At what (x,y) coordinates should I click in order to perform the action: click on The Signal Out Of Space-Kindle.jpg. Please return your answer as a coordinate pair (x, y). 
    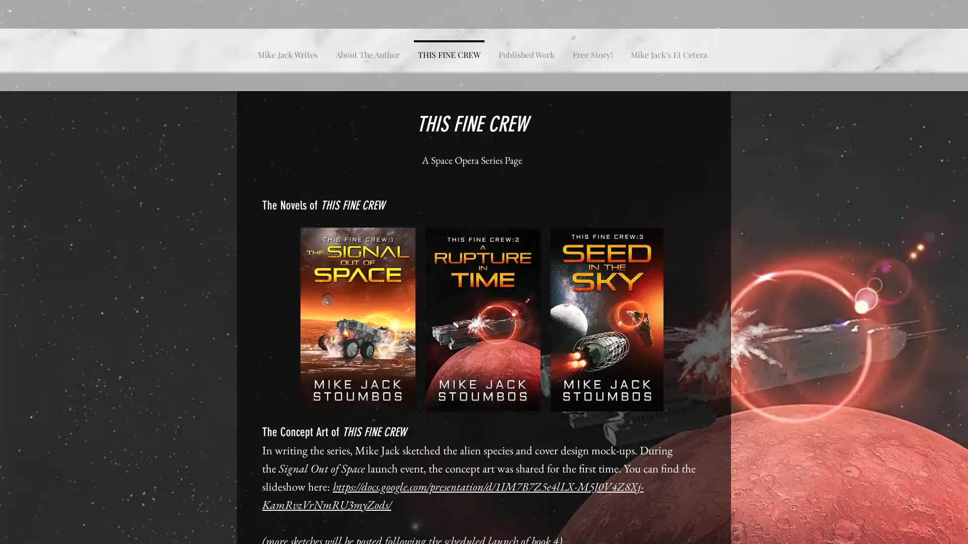
    Looking at the image, I should click on (358, 319).